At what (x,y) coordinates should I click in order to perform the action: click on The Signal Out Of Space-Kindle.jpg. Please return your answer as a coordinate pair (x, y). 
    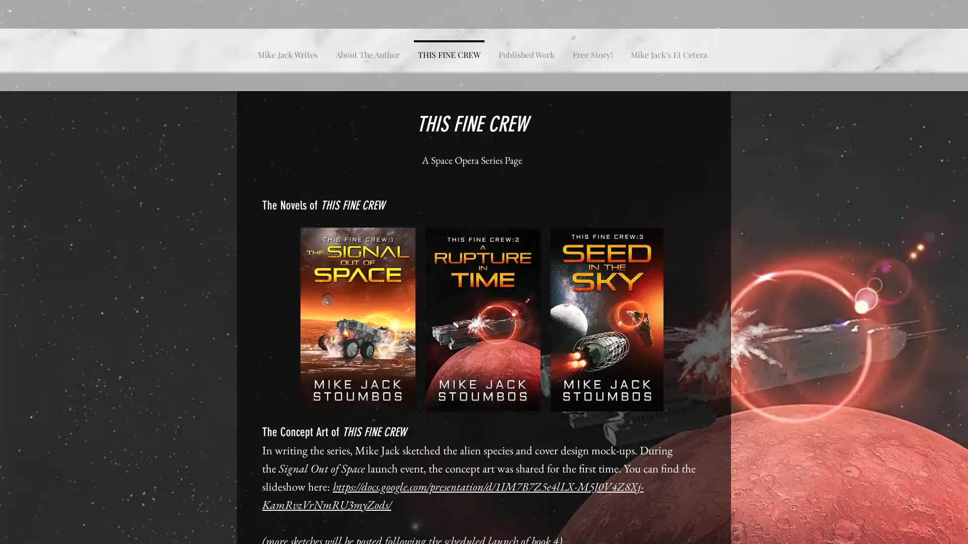
    Looking at the image, I should click on (358, 319).